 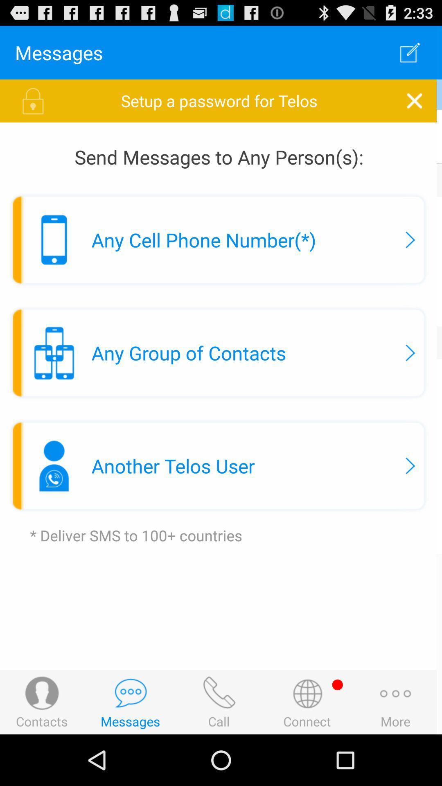 I want to click on the edit icon, so click(x=412, y=56).